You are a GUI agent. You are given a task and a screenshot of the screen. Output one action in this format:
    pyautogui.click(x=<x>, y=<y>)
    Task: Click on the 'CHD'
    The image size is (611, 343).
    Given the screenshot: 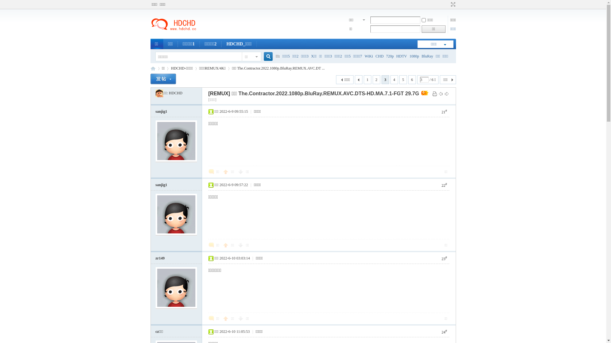 What is the action you would take?
    pyautogui.click(x=379, y=56)
    